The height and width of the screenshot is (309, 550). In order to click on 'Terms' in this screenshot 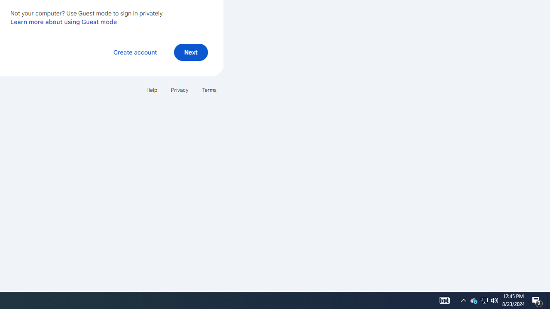, I will do `click(209, 90)`.